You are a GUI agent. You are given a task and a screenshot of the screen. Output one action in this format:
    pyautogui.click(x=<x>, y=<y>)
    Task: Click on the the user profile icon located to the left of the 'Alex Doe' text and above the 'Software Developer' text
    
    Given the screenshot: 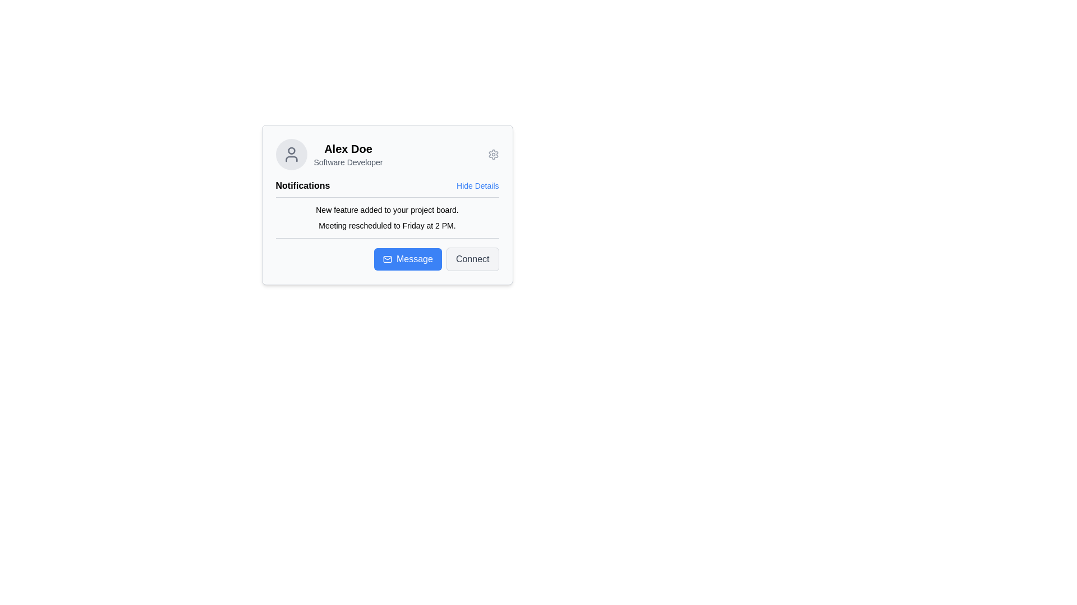 What is the action you would take?
    pyautogui.click(x=291, y=155)
    